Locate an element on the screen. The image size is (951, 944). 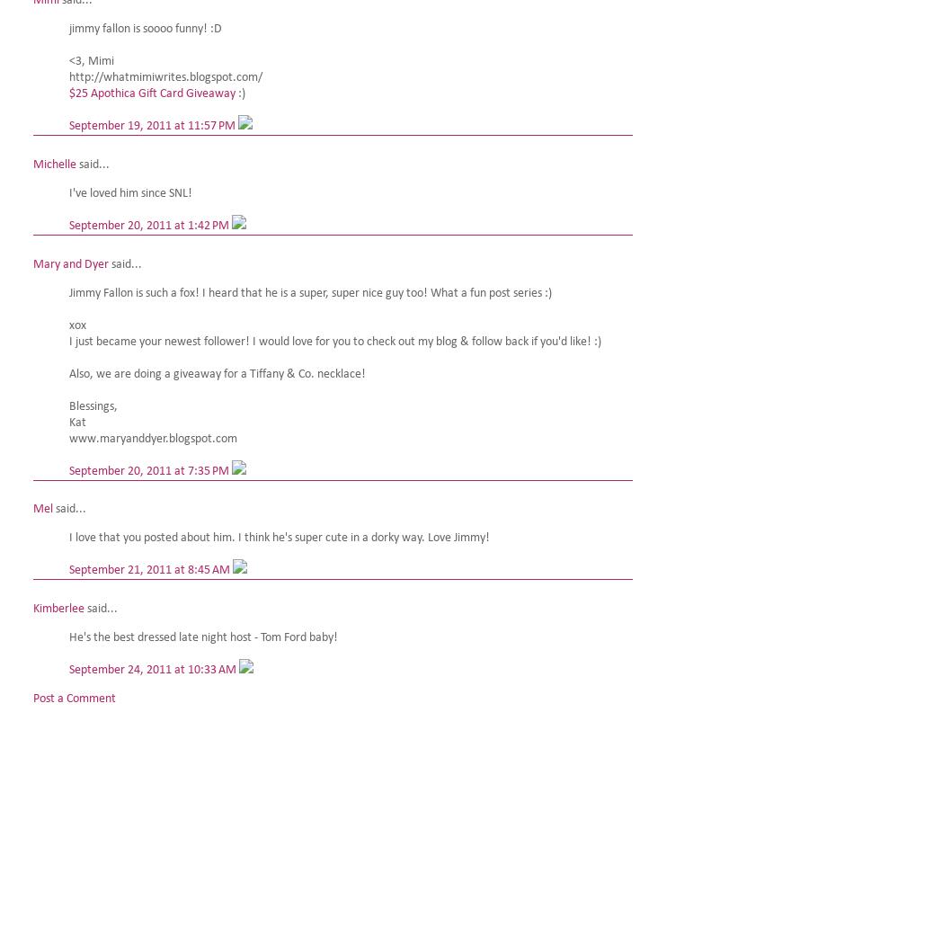
'September 19, 2011 at 11:57 PM' is located at coordinates (69, 124).